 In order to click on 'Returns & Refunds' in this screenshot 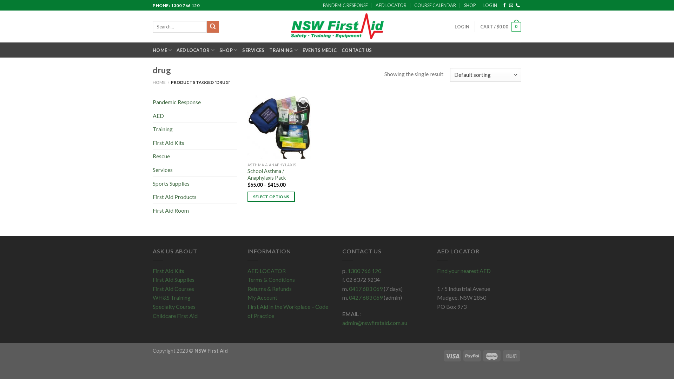, I will do `click(269, 288)`.